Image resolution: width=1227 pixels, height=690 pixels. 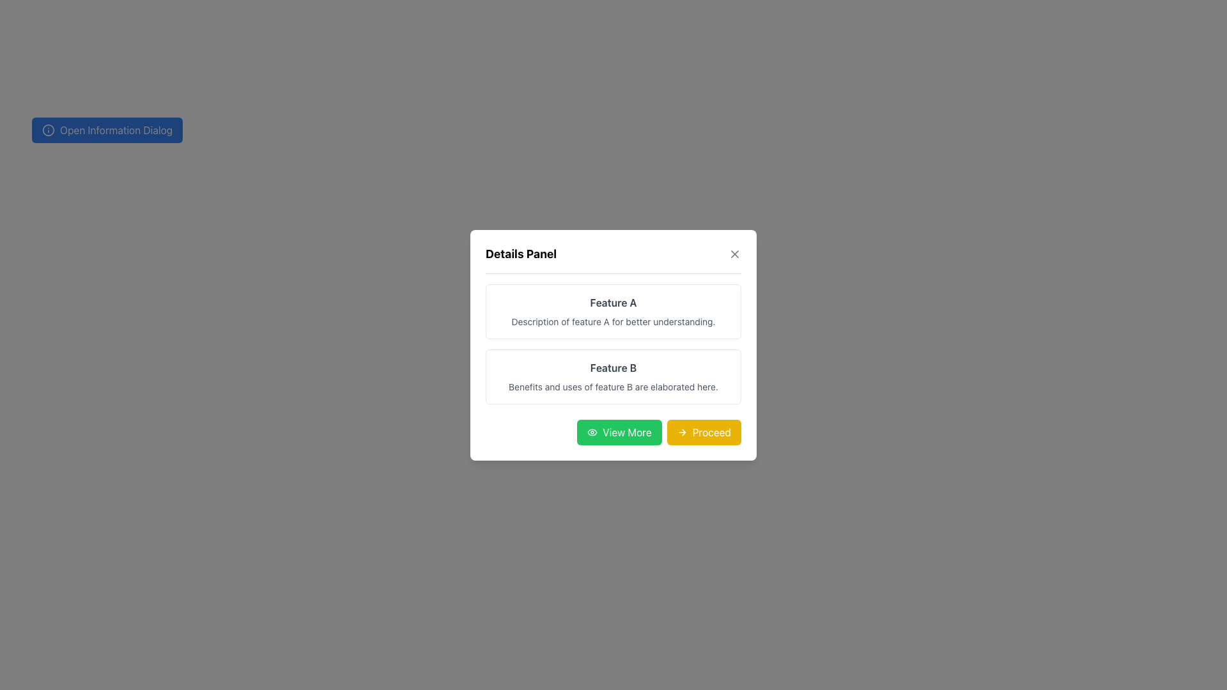 What do you see at coordinates (613, 431) in the screenshot?
I see `the green button labeled 'View More' which has an eye icon on its left, located near the bottom-right of the modal window` at bounding box center [613, 431].